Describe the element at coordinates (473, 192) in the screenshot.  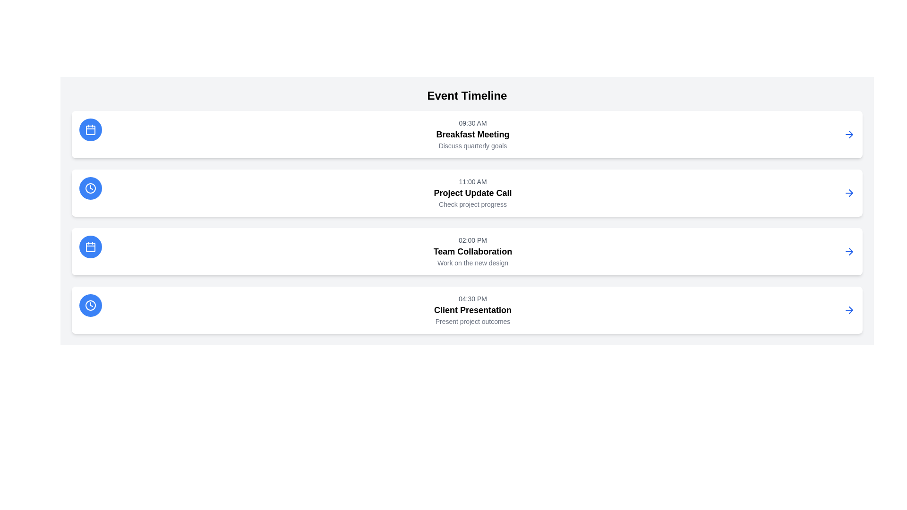
I see `the text label that serves as the title for an event in the second item of a vertically listed timeline, which is located between the '11:00 AM' timestamp and the 'Check project progress' text` at that location.